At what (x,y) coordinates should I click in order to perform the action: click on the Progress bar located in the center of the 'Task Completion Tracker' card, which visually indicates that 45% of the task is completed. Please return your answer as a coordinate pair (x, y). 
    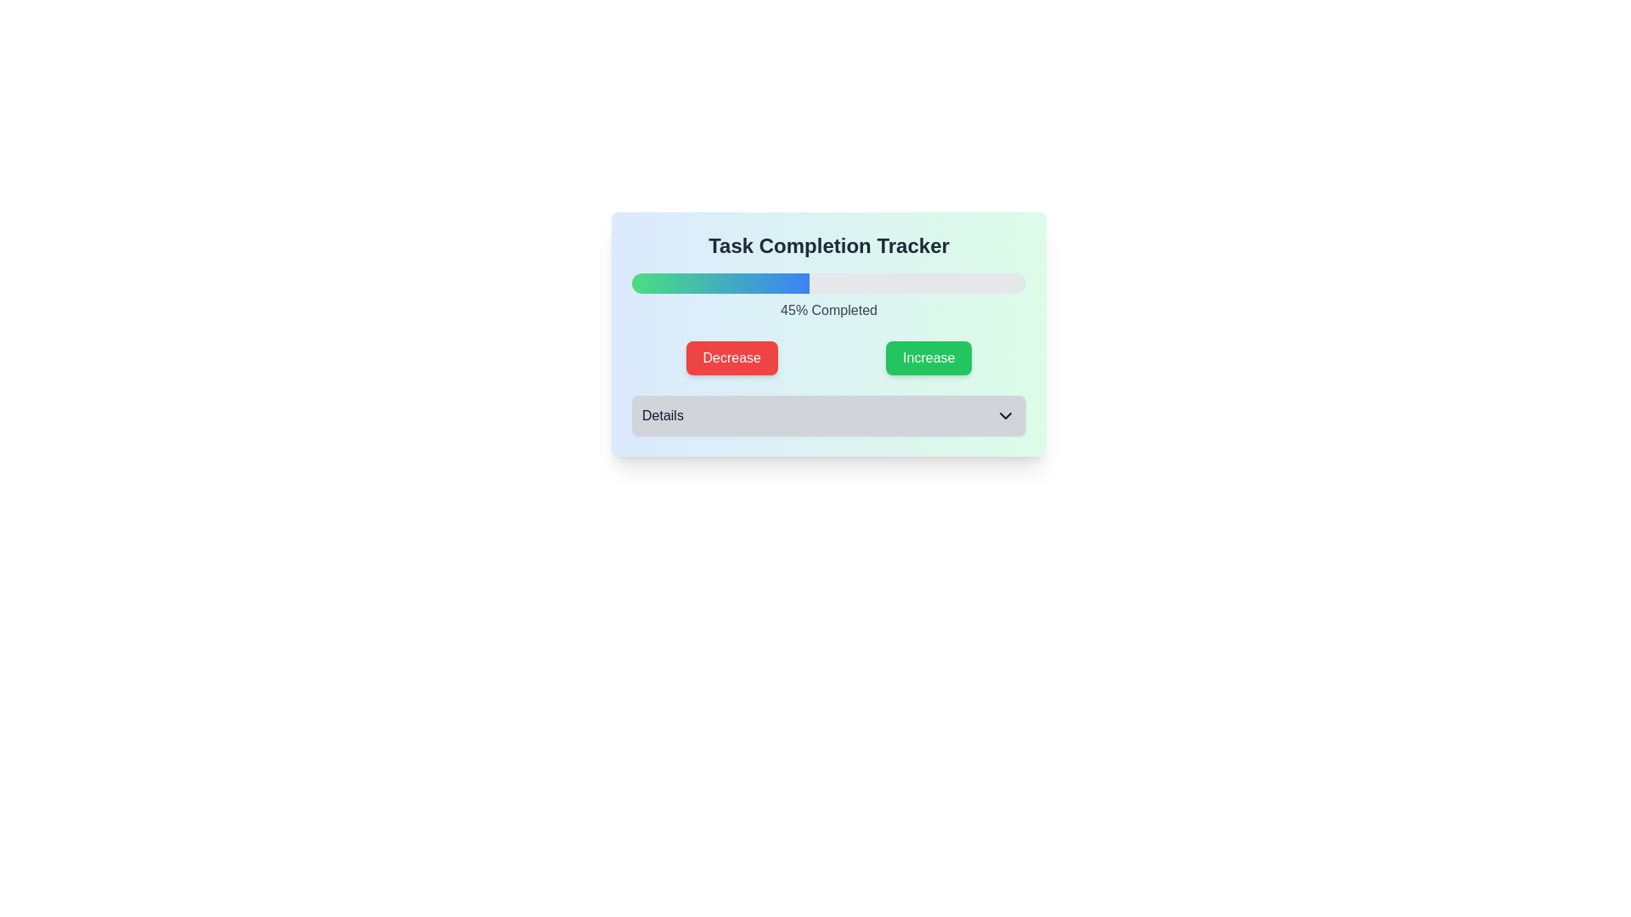
    Looking at the image, I should click on (828, 283).